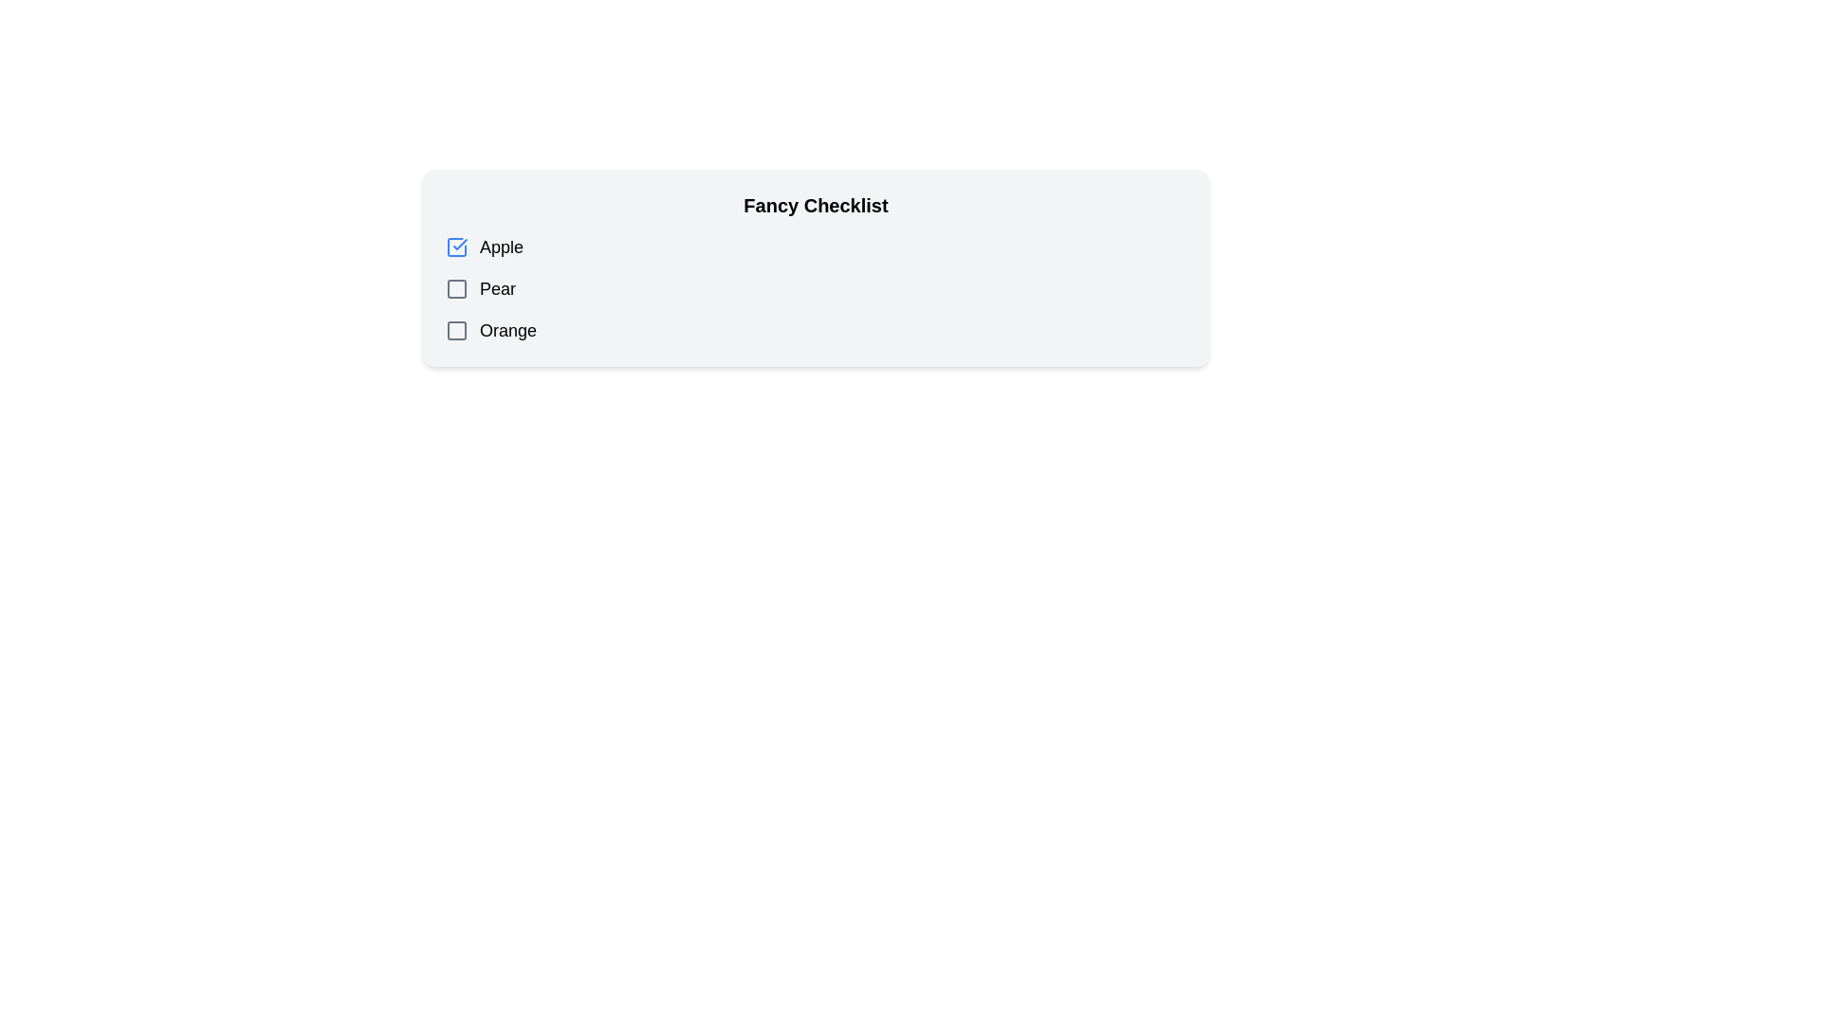  Describe the element at coordinates (456, 247) in the screenshot. I see `the blue-bordered checkbox with a blue checkmark inside, located to the left of the label 'Apple' in the 'Fancy Checklist'` at that location.